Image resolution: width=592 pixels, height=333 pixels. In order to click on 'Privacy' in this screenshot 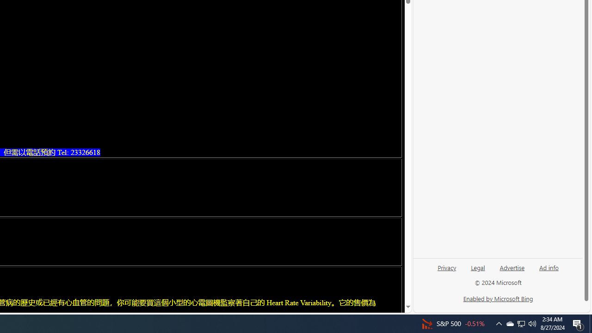, I will do `click(447, 271)`.